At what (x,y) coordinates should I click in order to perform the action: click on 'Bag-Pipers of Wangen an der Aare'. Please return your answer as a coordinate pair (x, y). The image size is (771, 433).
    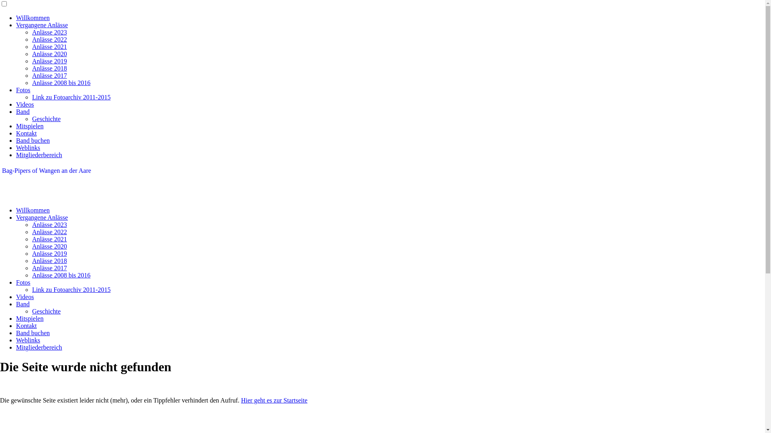
    Looking at the image, I should click on (2, 170).